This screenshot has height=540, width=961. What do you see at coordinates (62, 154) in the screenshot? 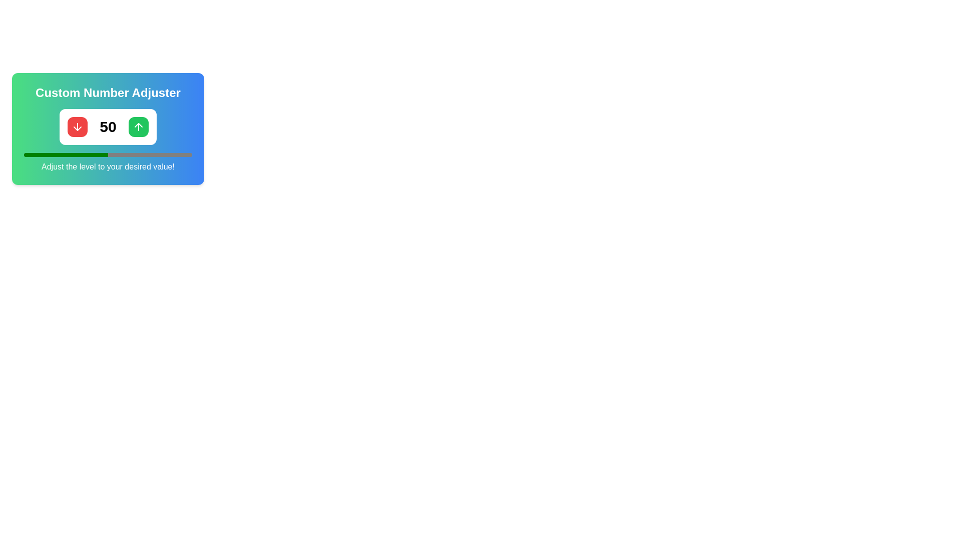
I see `the slider value` at bounding box center [62, 154].